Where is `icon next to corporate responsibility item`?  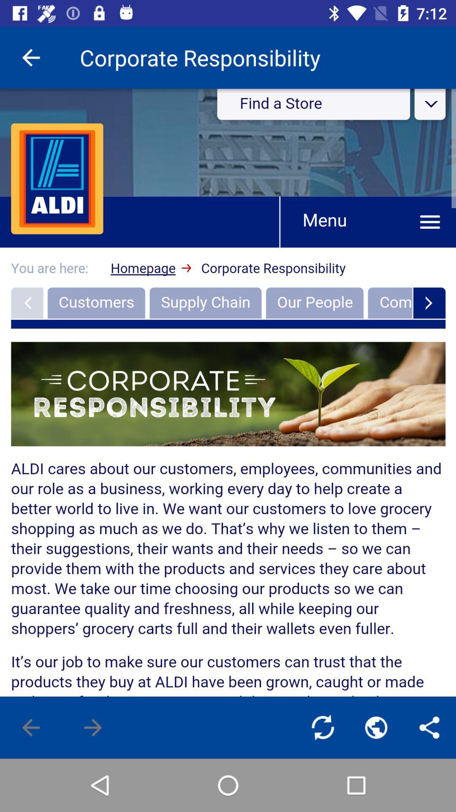 icon next to corporate responsibility item is located at coordinates (30, 57).